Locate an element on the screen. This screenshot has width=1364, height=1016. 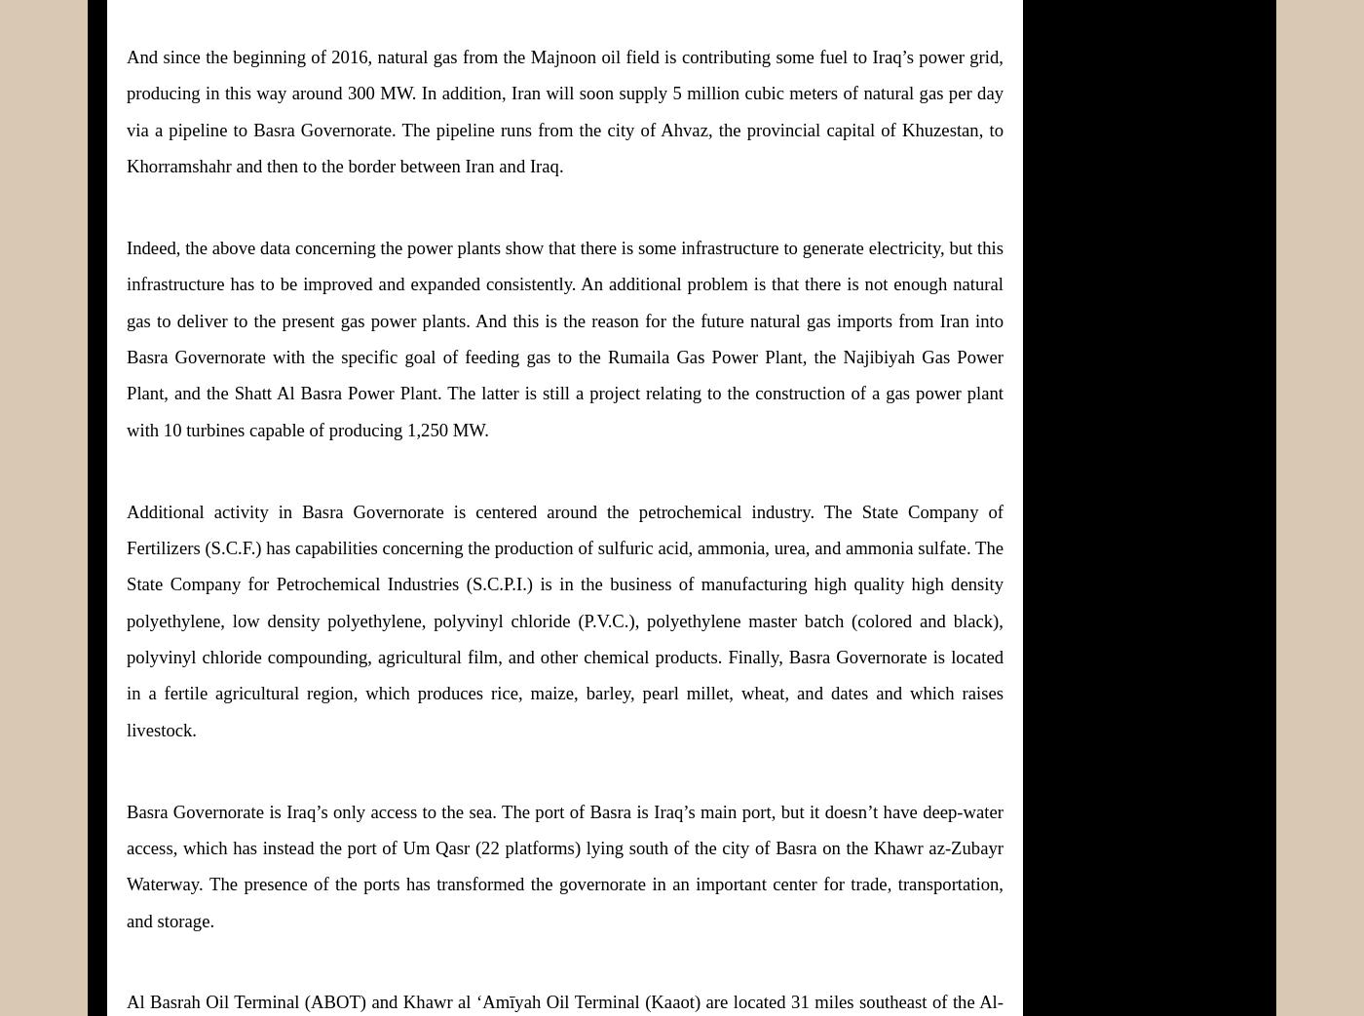
'Al Basrah Oil Terminal (ABOT) and Khawr al ‘Amīyah Oil Terminal (Kaaot)
are located 31 miles southeast of the' is located at coordinates (127, 1001).